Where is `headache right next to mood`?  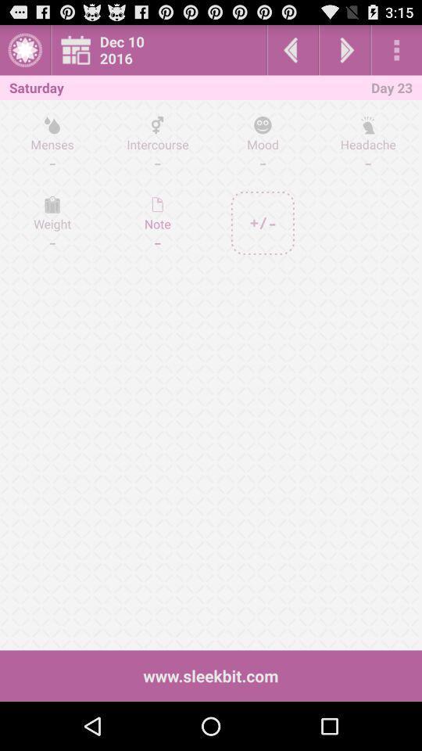
headache right next to mood is located at coordinates (367, 143).